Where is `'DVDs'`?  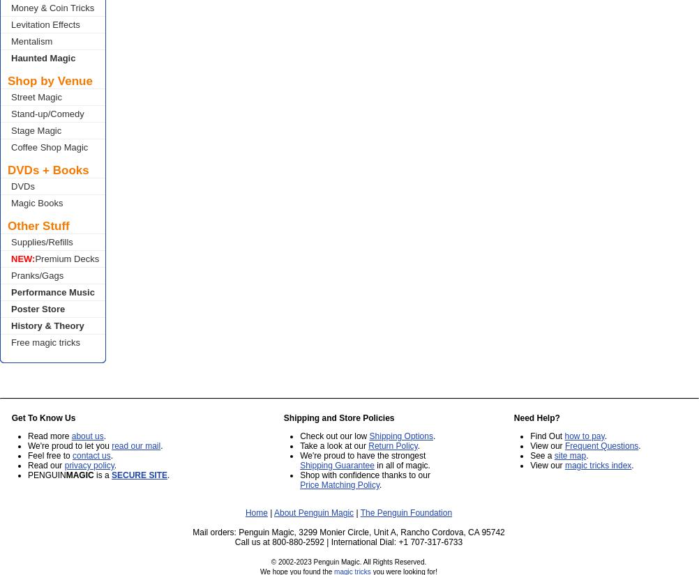
'DVDs' is located at coordinates (11, 185).